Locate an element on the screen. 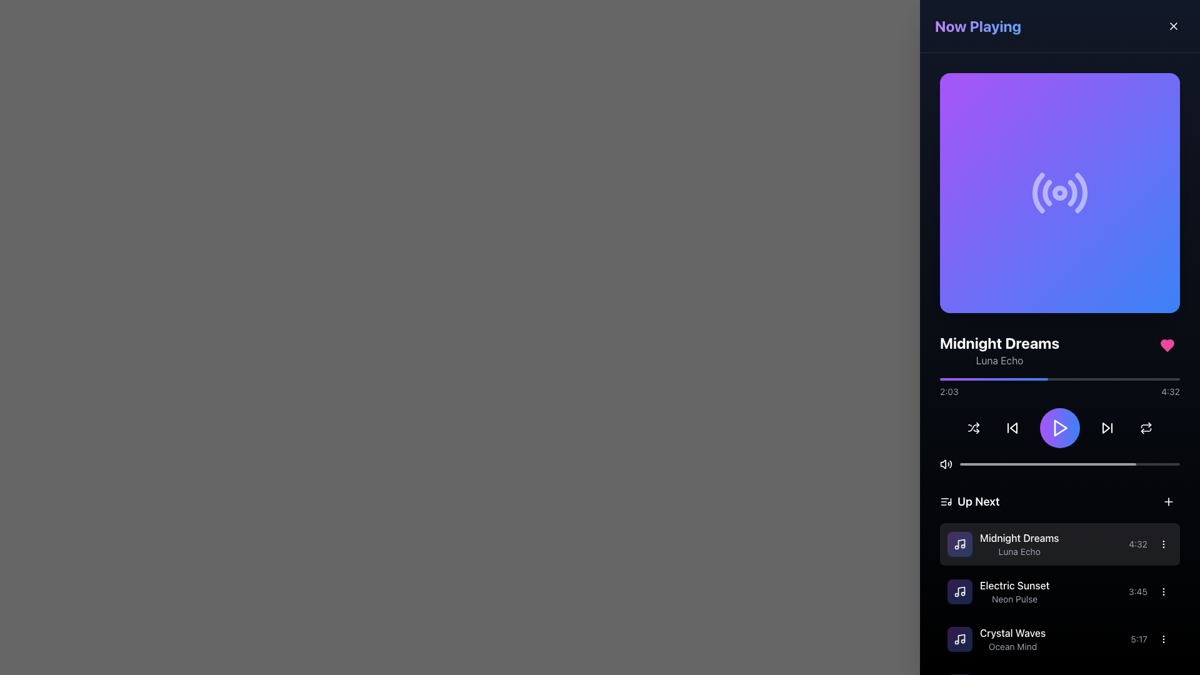 Image resolution: width=1200 pixels, height=675 pixels. the song icon for 'Crystal Waves' in the playlist, located left of the text block displaying the song title and artist is located at coordinates (959, 639).